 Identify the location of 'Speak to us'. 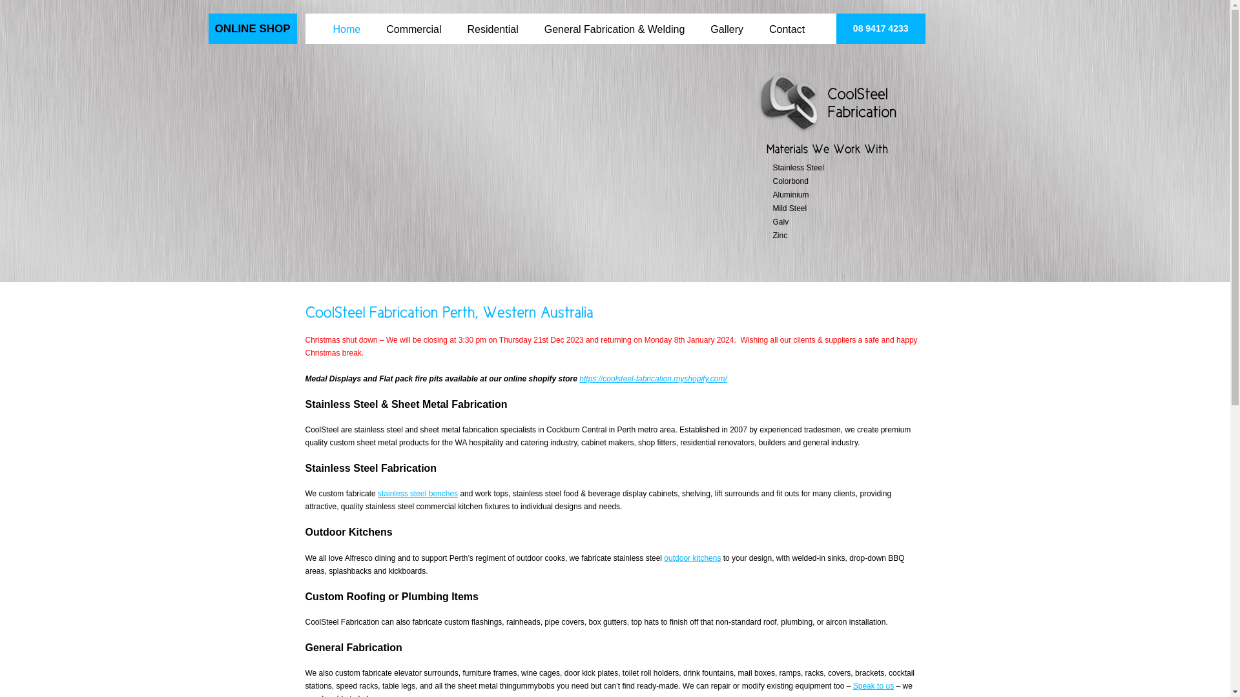
(873, 685).